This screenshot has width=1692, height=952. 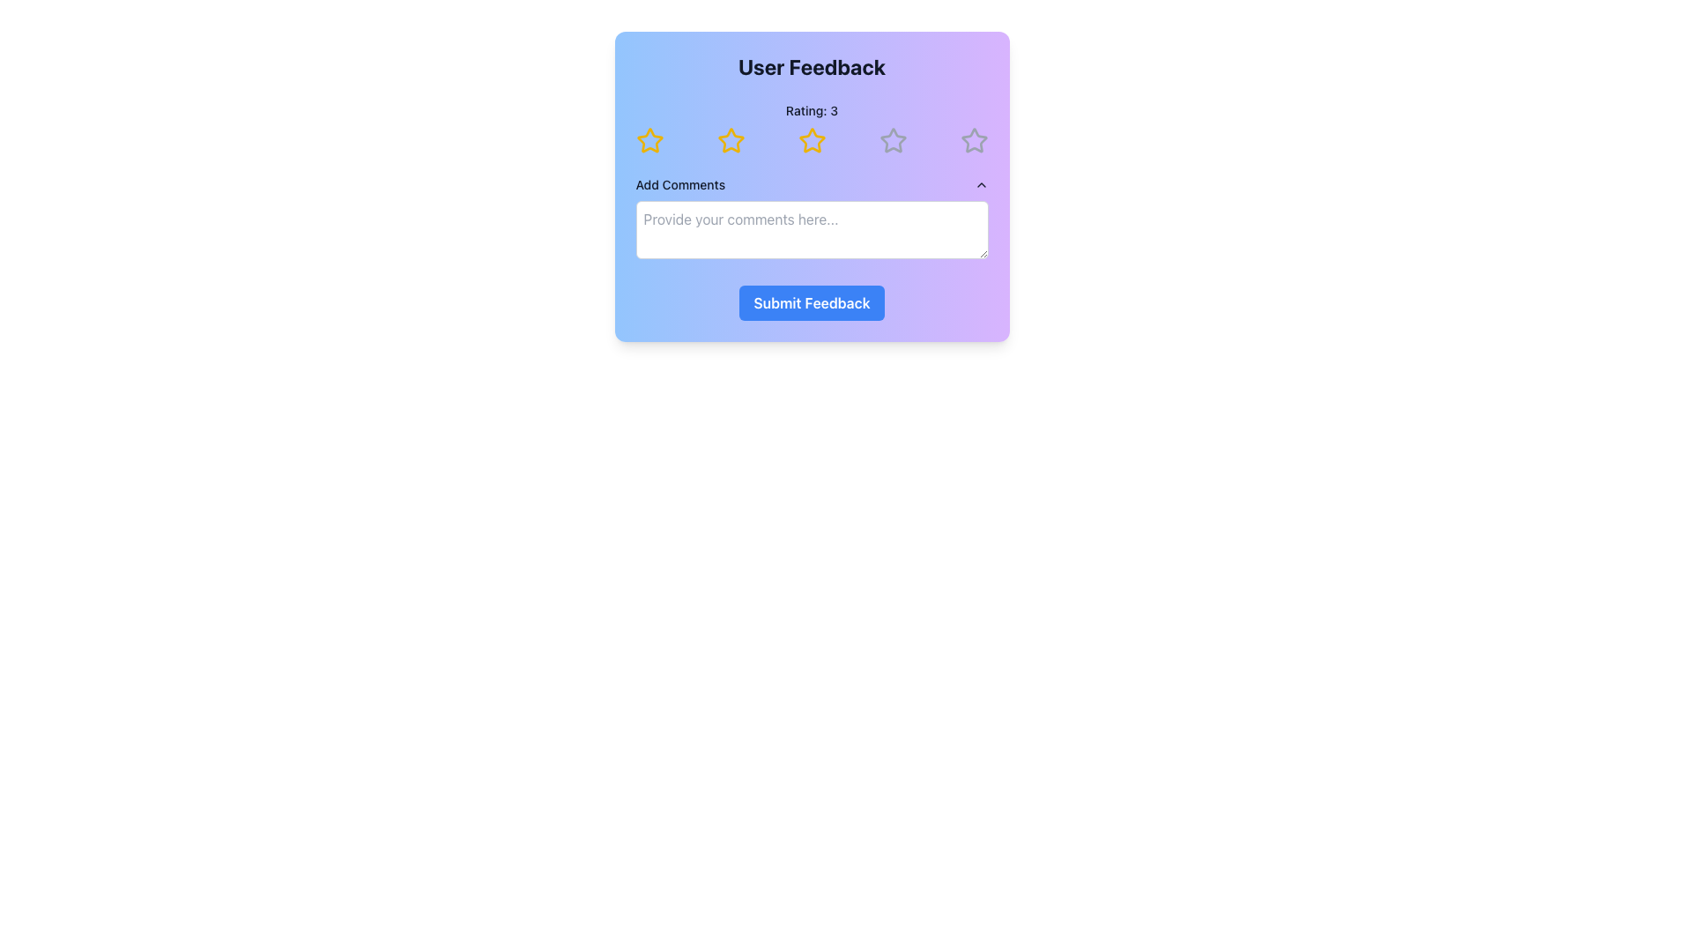 What do you see at coordinates (811, 219) in the screenshot?
I see `the Comment Input Section located below the rating stars and above the 'Submit Feedback' button to focus on the input field with the placeholder text 'Provide your comments here...'` at bounding box center [811, 219].